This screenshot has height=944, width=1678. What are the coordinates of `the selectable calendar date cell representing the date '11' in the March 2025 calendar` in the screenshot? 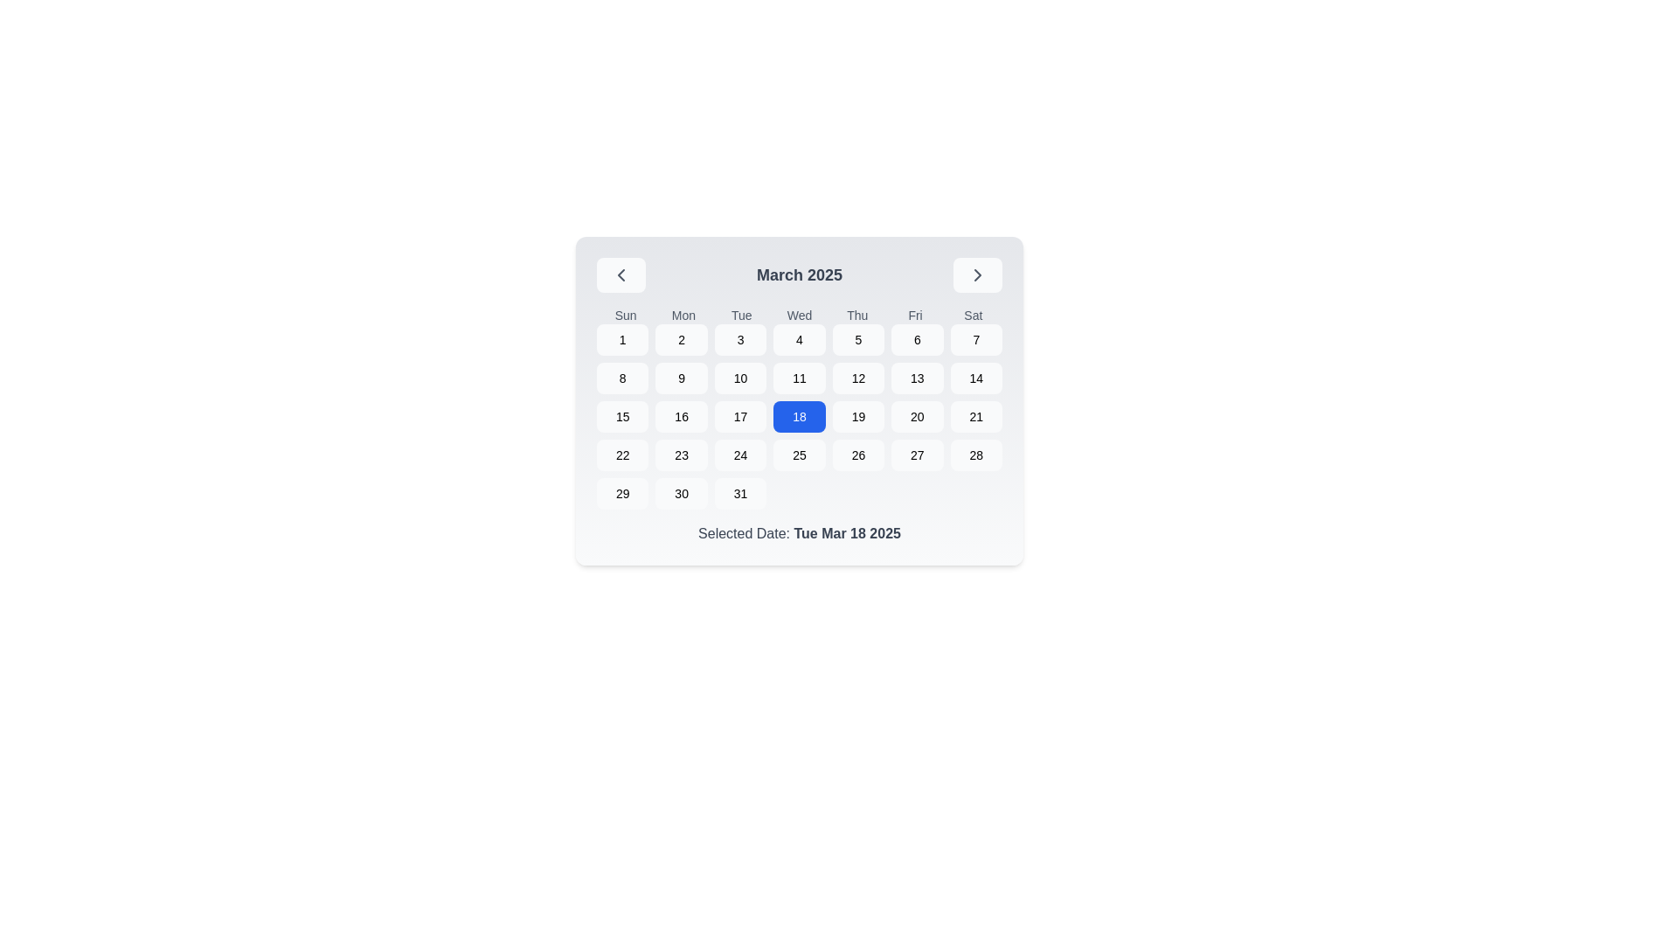 It's located at (799, 377).